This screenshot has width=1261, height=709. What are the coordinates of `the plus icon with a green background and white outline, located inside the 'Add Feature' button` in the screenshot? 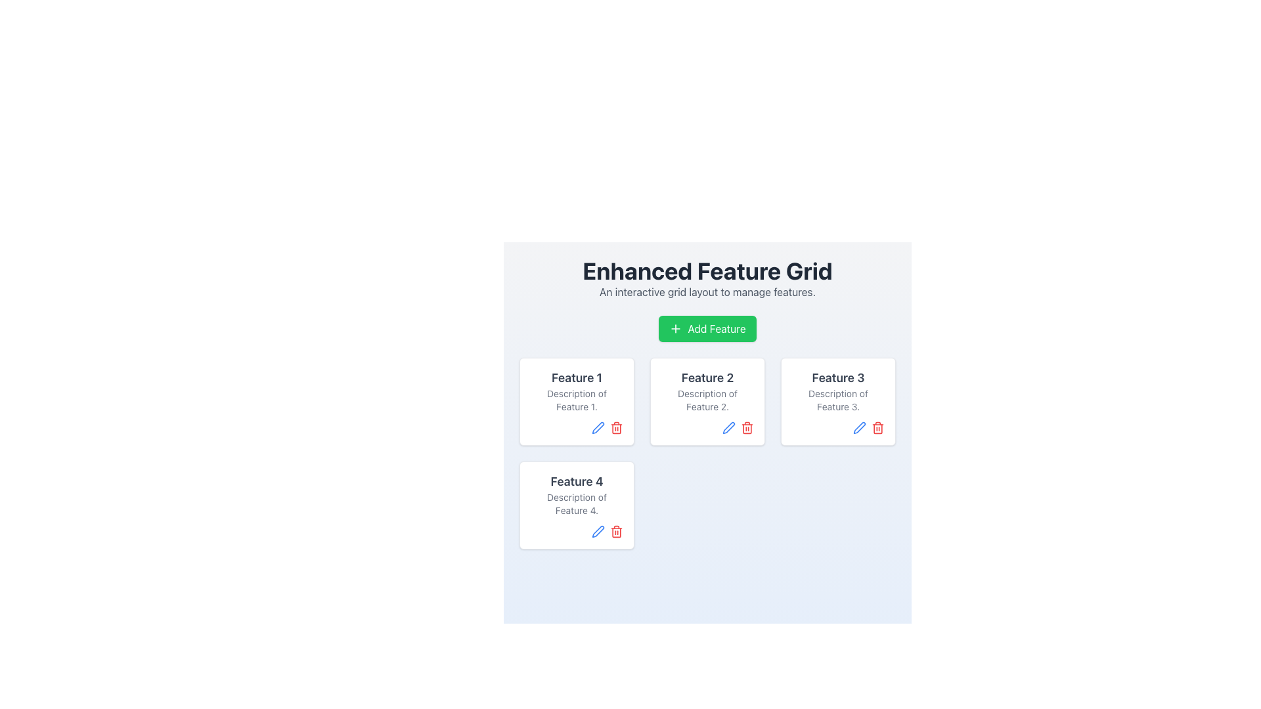 It's located at (676, 328).